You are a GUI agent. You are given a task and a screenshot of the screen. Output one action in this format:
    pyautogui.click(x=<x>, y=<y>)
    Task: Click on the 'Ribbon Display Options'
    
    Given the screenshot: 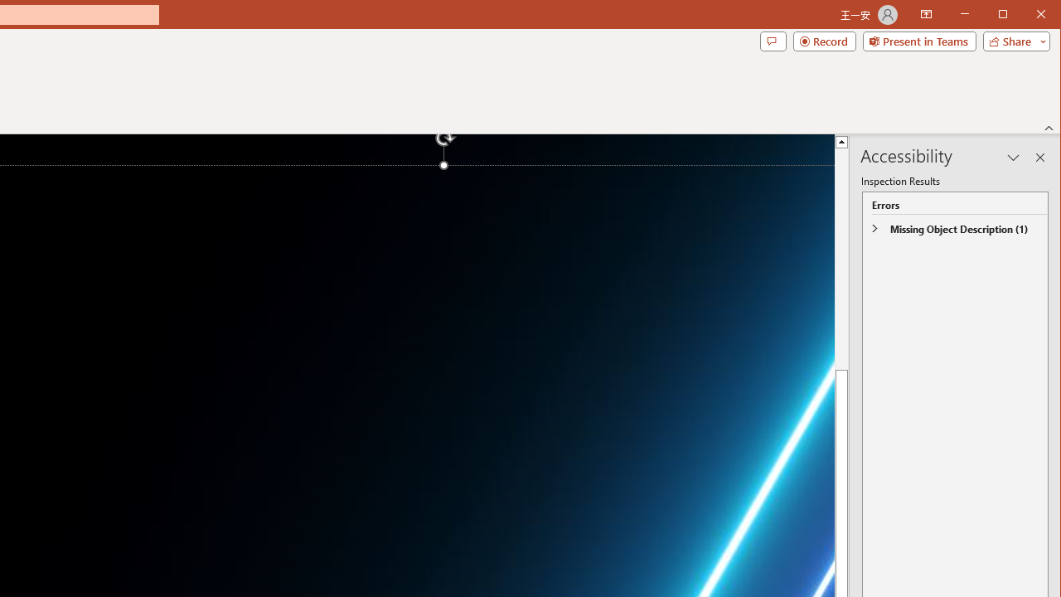 What is the action you would take?
    pyautogui.click(x=925, y=15)
    